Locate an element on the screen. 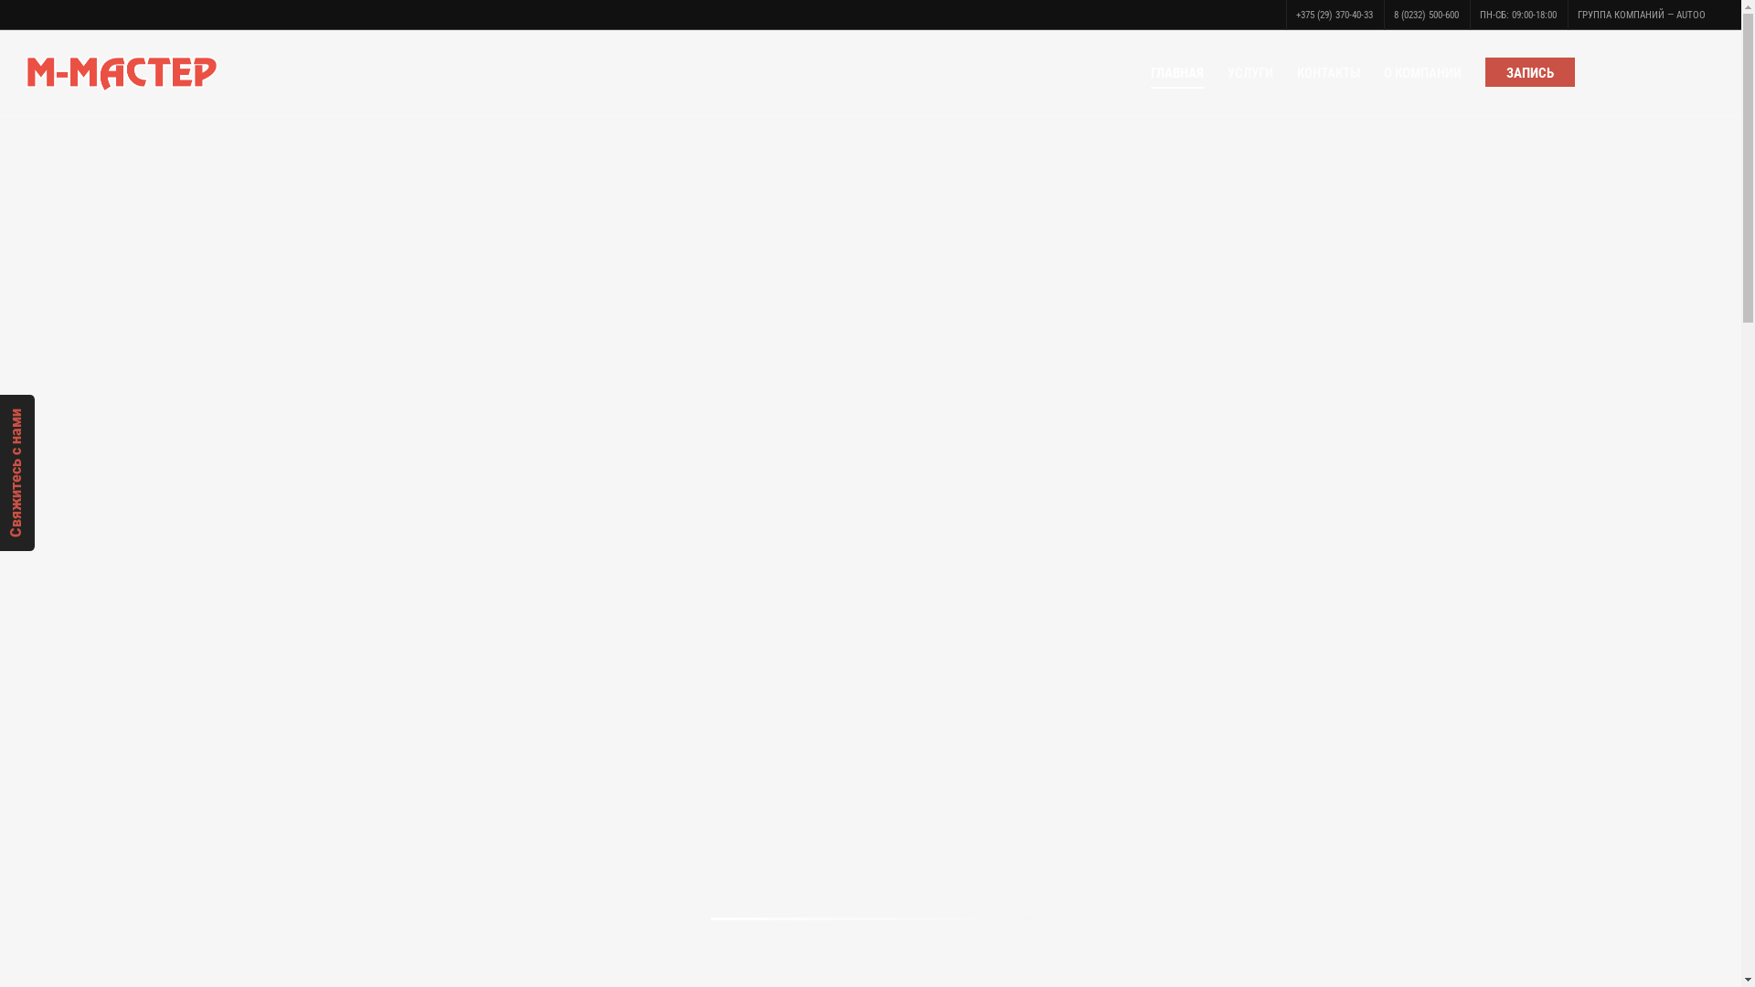 Image resolution: width=1755 pixels, height=987 pixels. '8 (0232) 500-600' is located at coordinates (1425, 15).